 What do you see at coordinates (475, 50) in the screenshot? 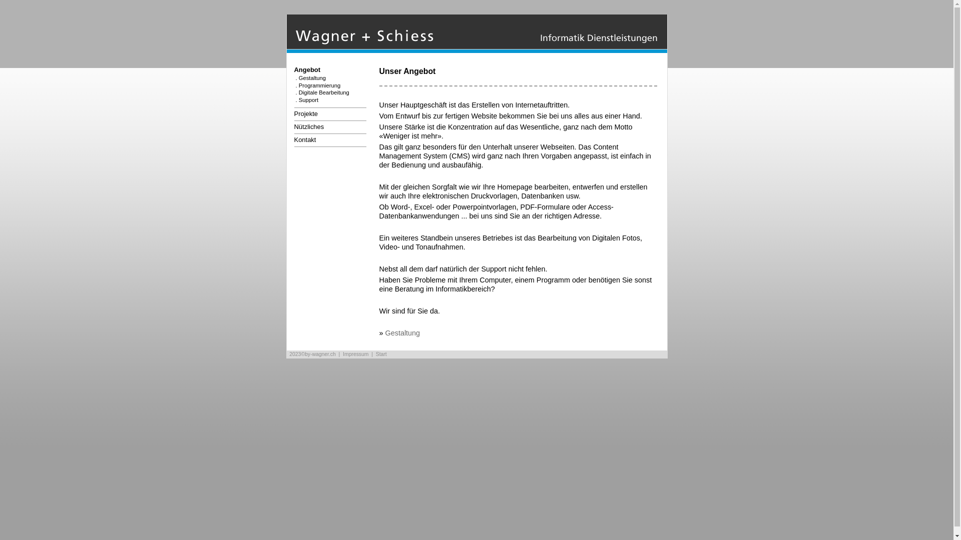
I see `'Start'` at bounding box center [475, 50].